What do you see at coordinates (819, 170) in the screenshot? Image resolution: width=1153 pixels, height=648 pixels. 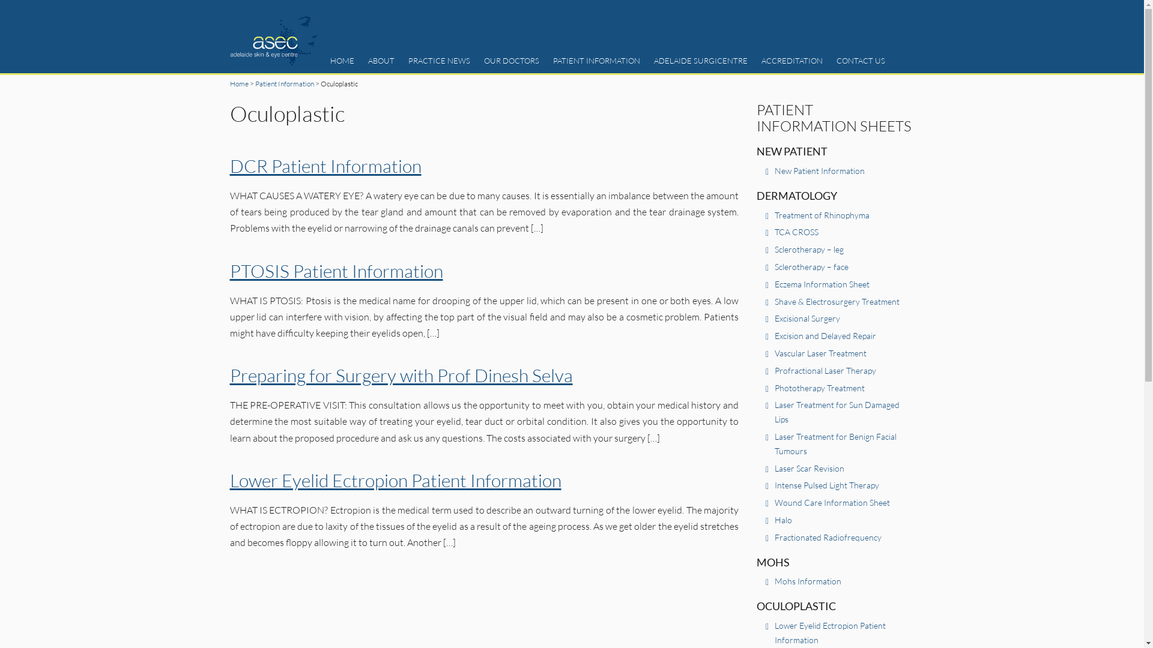 I see `'New Patient Information'` at bounding box center [819, 170].